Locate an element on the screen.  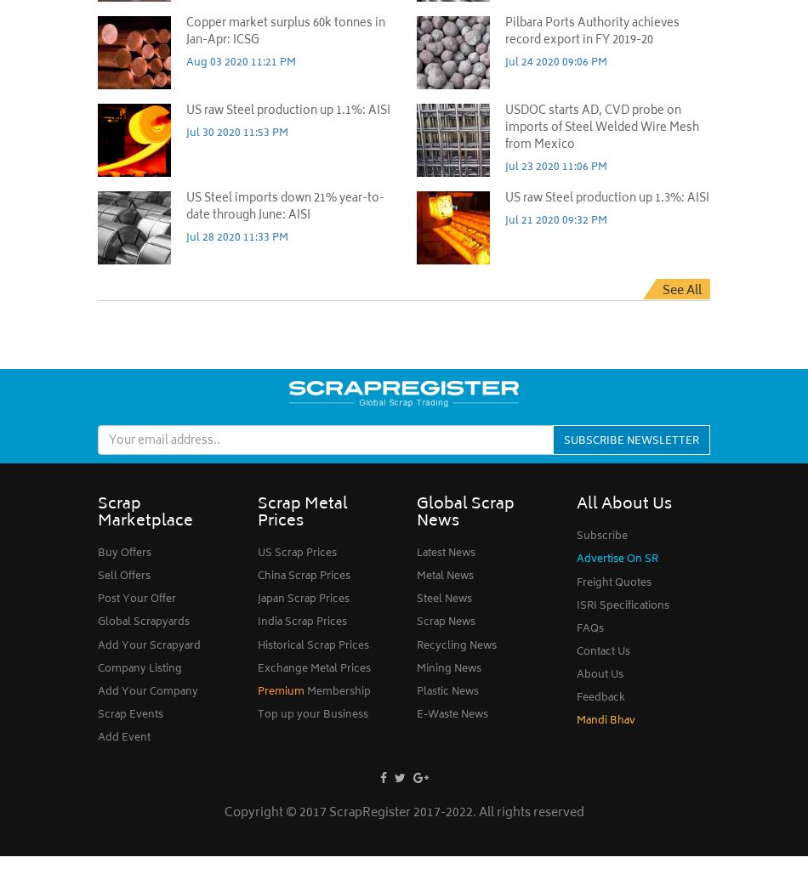
'Scrap Metal Prices' is located at coordinates (301, 513).